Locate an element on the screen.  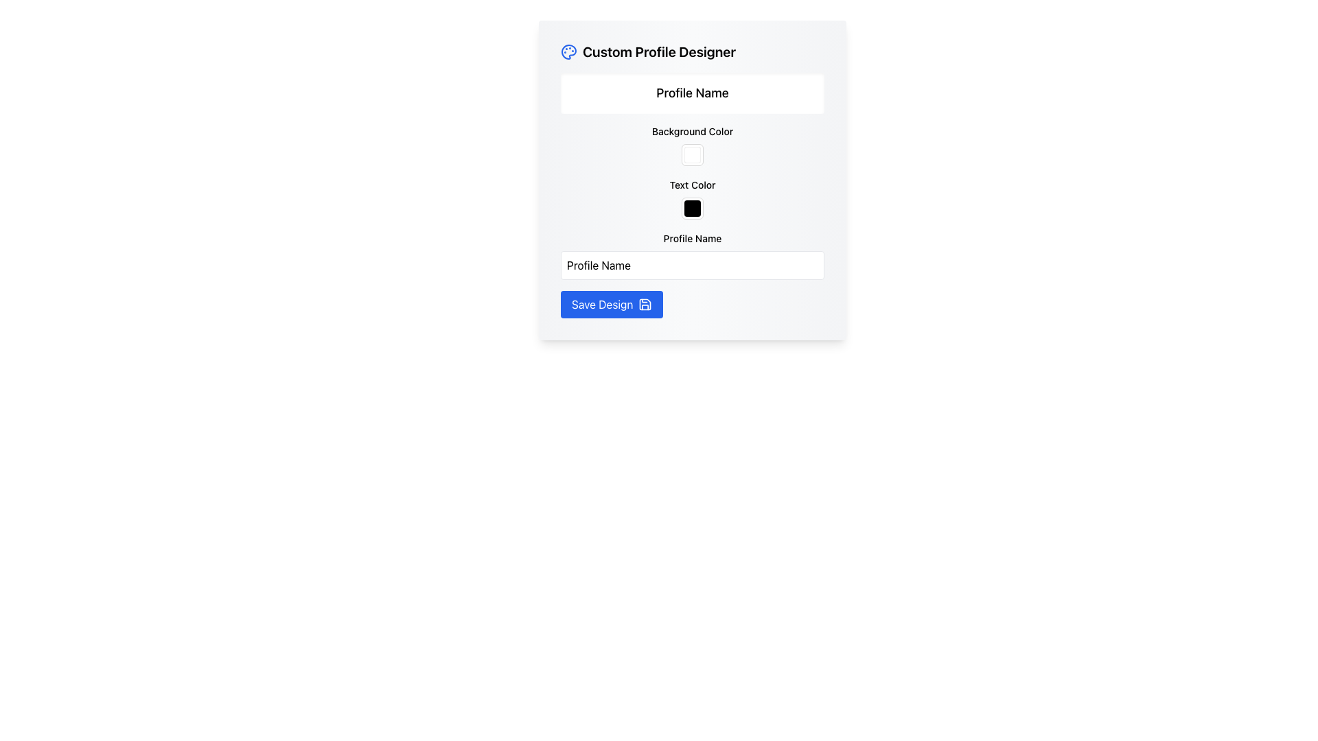
the label displaying 'Text Color', which is centrally aligned above the color picker in the form-like interface is located at coordinates (692, 185).